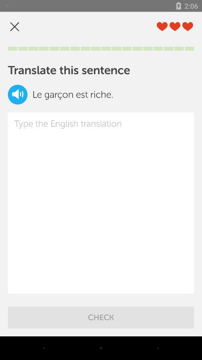  Describe the element at coordinates (18, 94) in the screenshot. I see `item below the translate this sentence item` at that location.